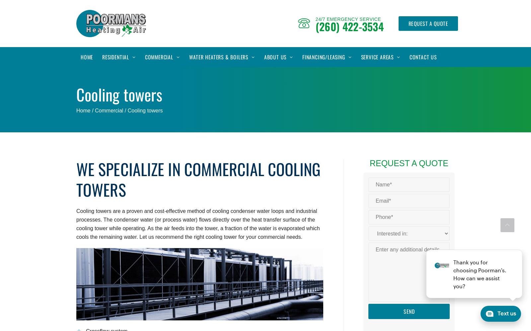 The height and width of the screenshot is (331, 531). I want to click on 'Wells Fargo Residential Financing', so click(341, 82).